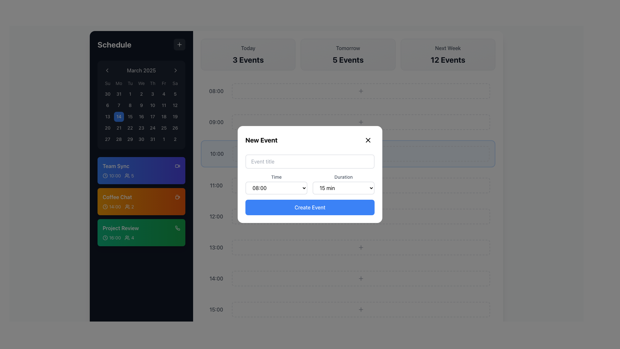 Image resolution: width=620 pixels, height=349 pixels. I want to click on the button representing the day '29' in the calendar interface, so click(130, 139).